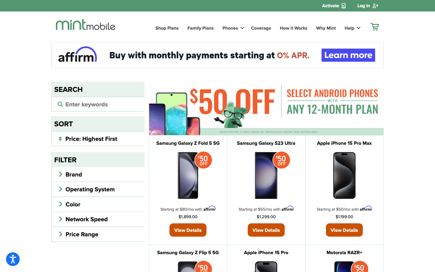 This screenshot has width=435, height=272. Describe the element at coordinates (344, 229) in the screenshot. I see `Inspect Apple iPhone 15 Pro Max phone"s details` at that location.